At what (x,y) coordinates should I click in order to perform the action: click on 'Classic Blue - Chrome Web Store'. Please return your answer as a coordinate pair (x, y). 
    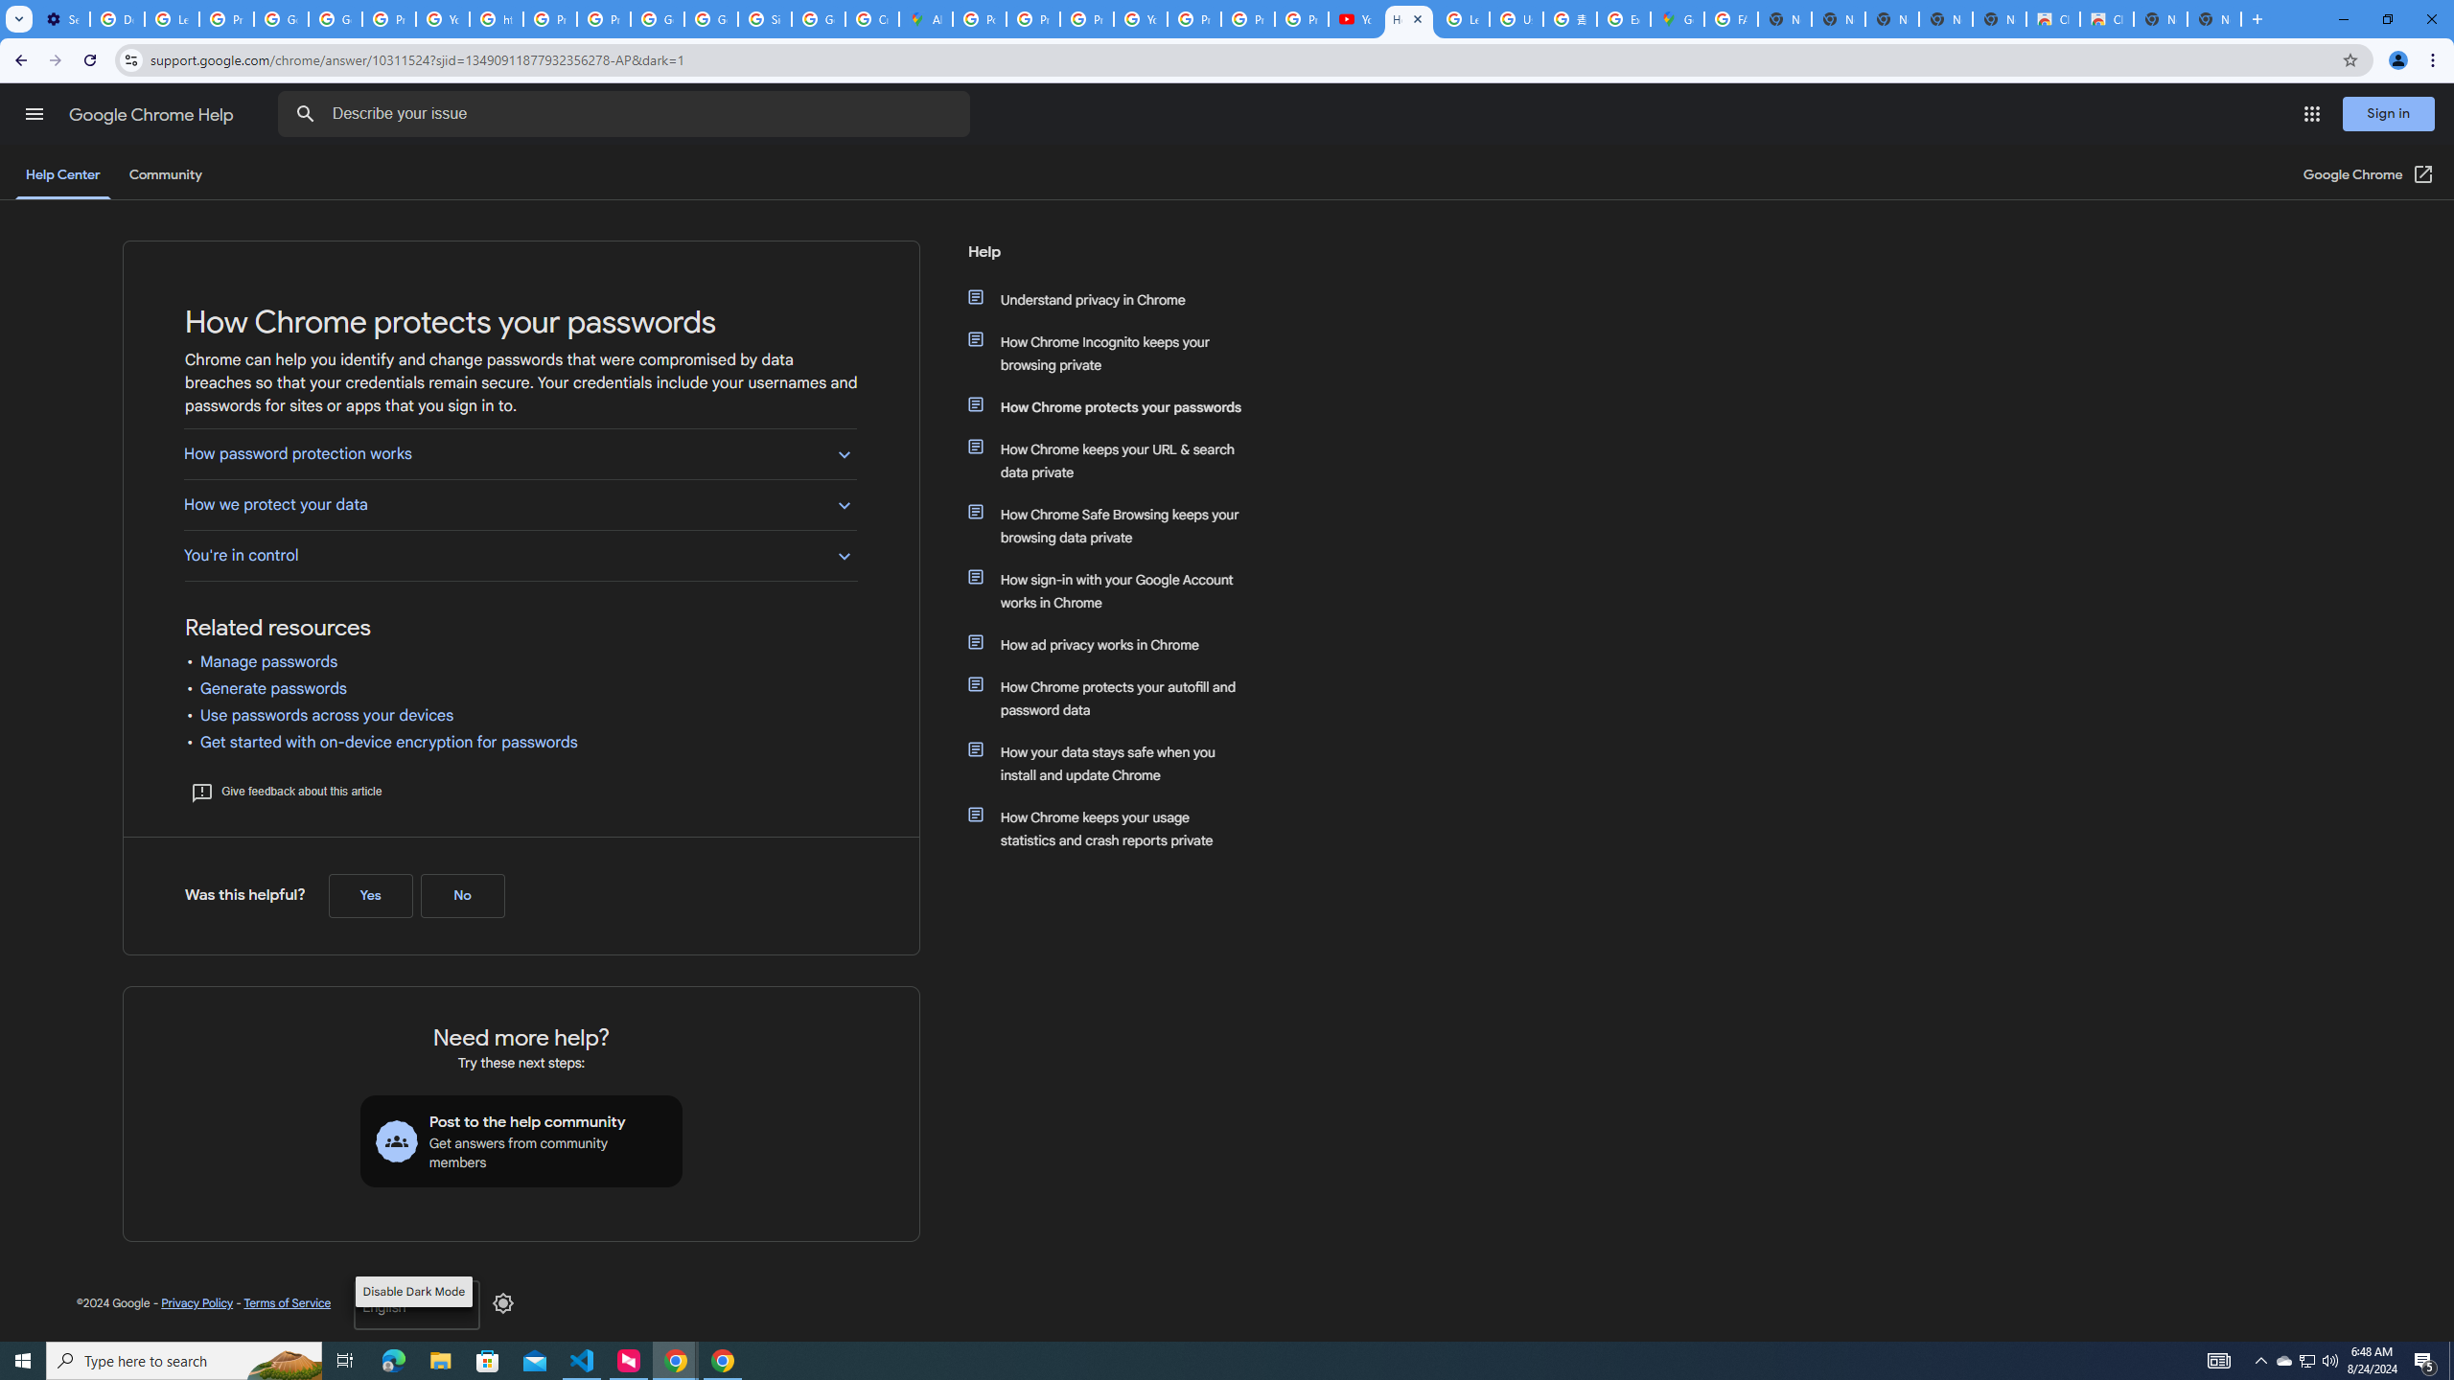
    Looking at the image, I should click on (2051, 18).